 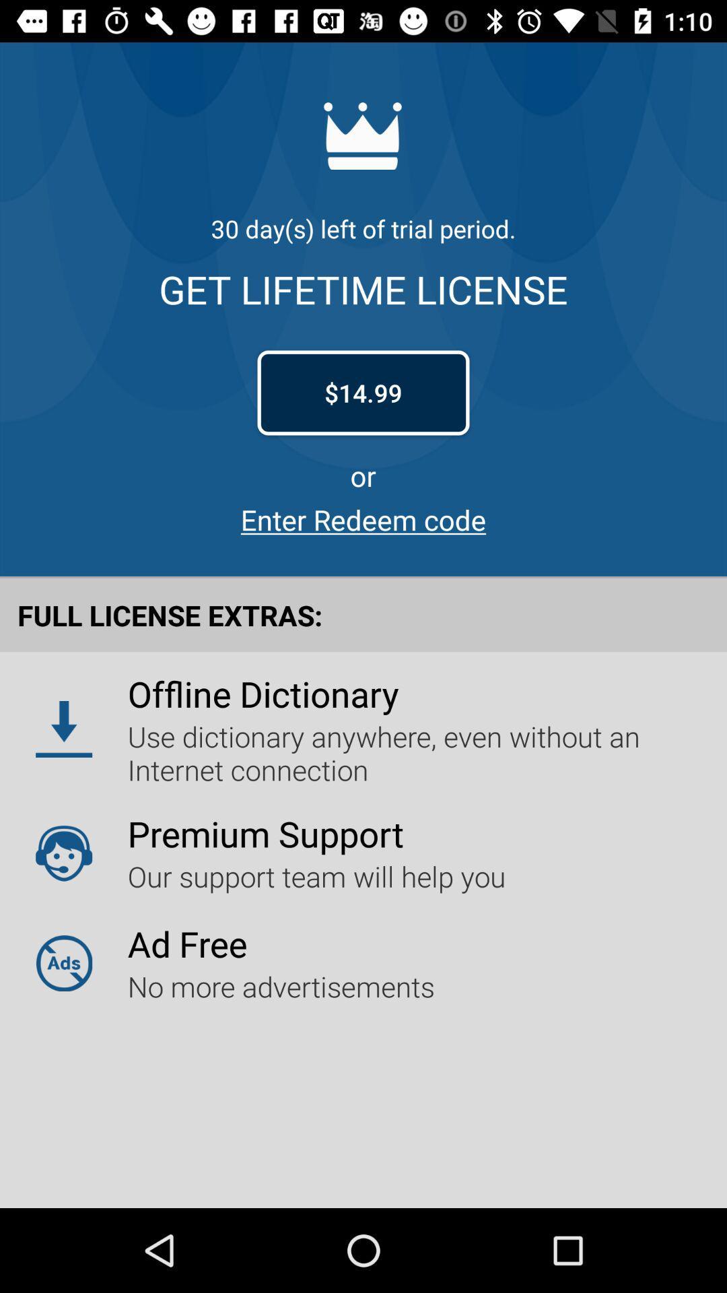 I want to click on item above or, so click(x=363, y=392).